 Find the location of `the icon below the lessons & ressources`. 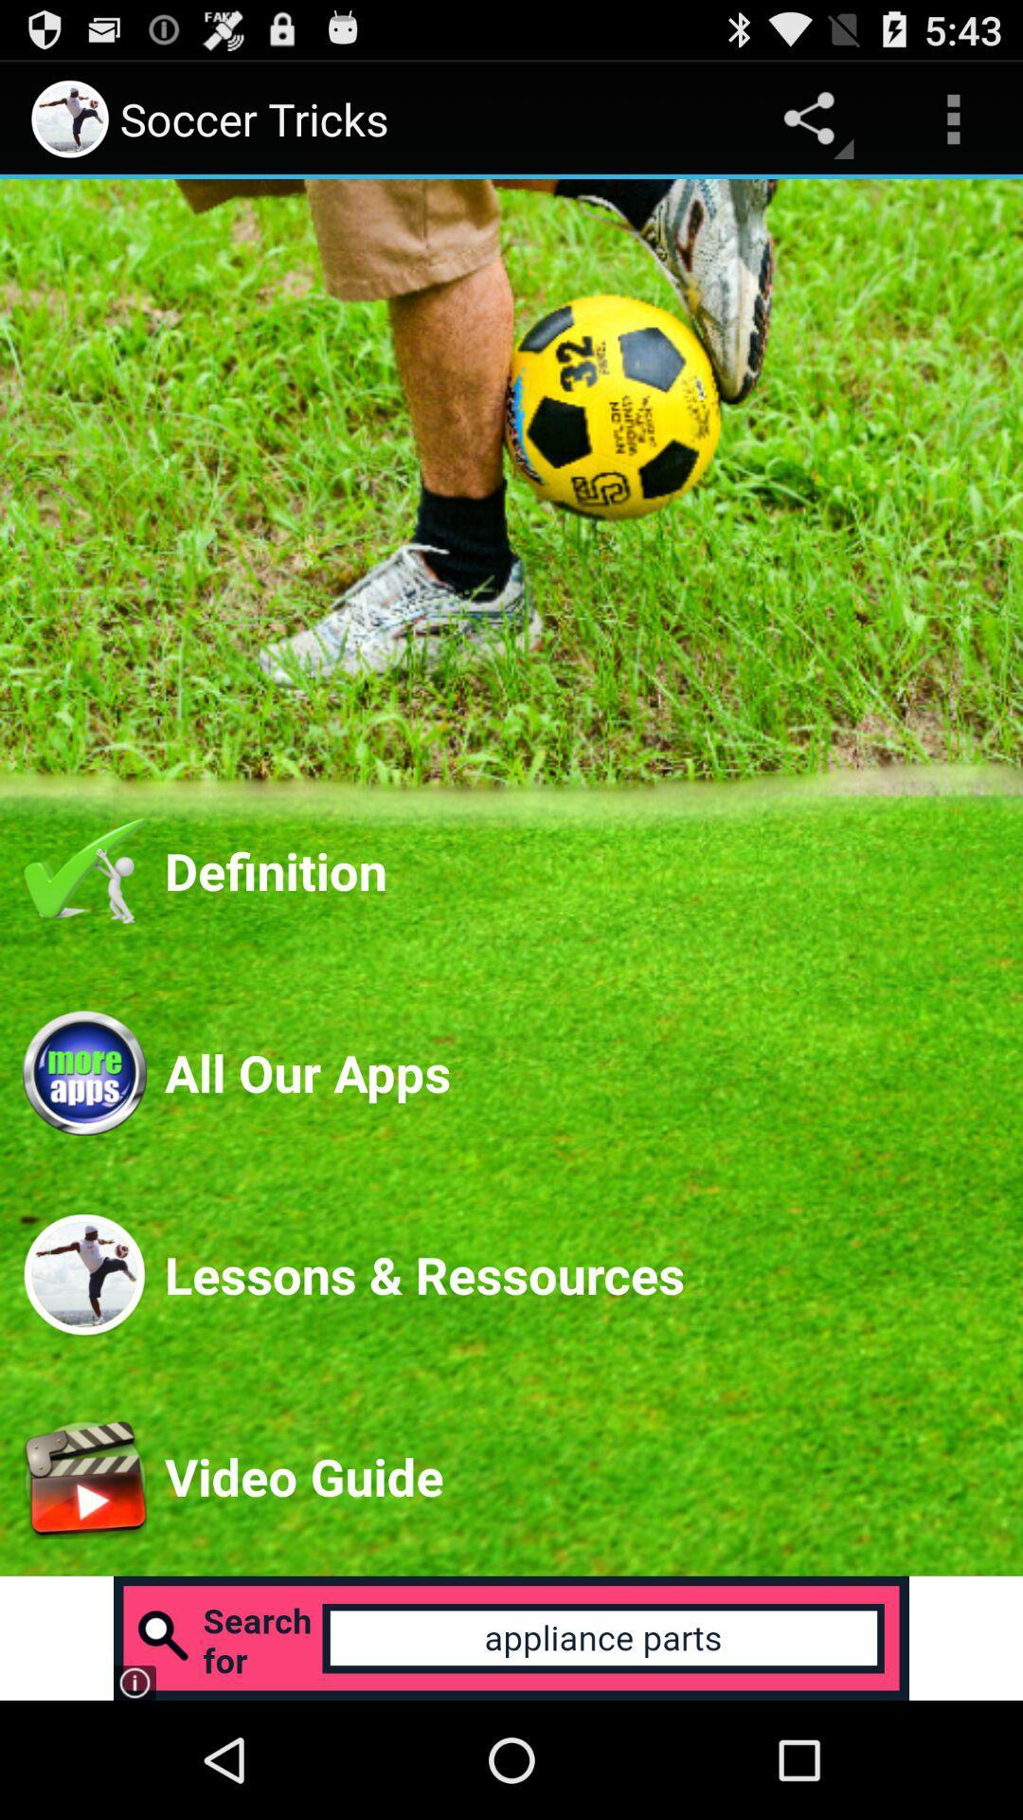

the icon below the lessons & ressources is located at coordinates (581, 1475).